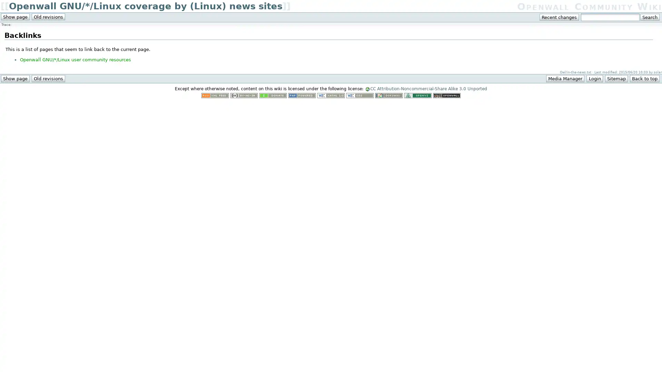  What do you see at coordinates (616, 78) in the screenshot?
I see `Sitemap` at bounding box center [616, 78].